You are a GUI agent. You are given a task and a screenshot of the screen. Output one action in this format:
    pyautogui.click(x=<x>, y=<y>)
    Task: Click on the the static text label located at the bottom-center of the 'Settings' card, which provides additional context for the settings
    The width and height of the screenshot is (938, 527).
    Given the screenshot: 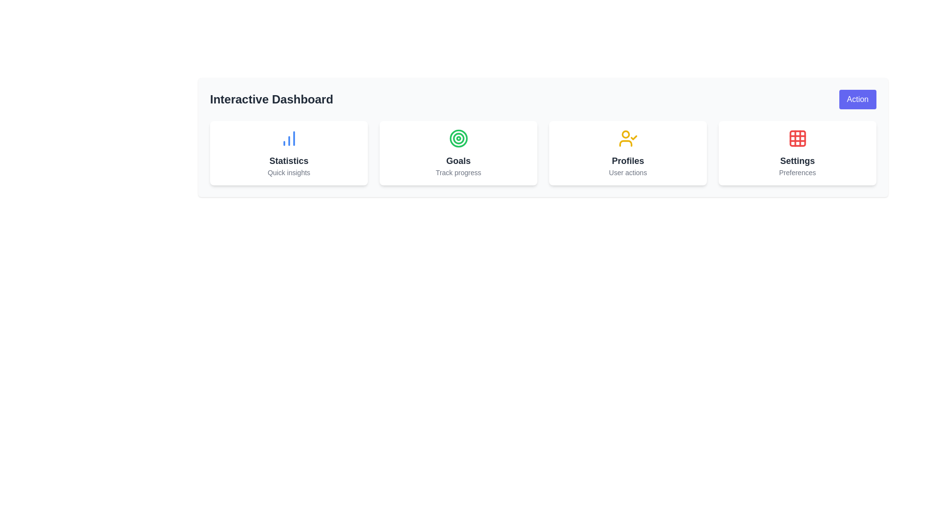 What is the action you would take?
    pyautogui.click(x=797, y=172)
    